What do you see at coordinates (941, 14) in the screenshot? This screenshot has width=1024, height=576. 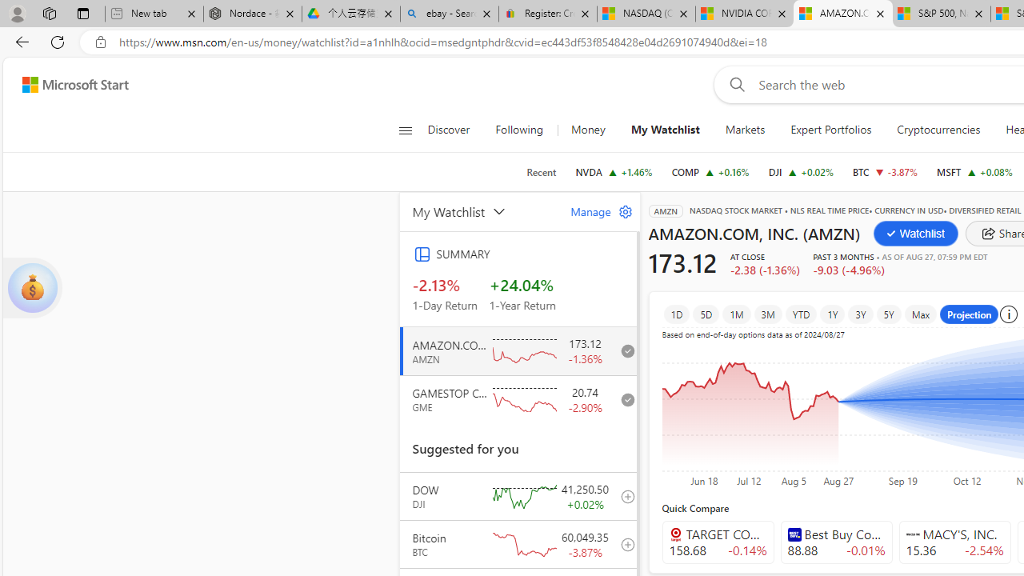 I see `'S&P 500, Nasdaq end lower, weighed by Nvidia dip | Watch'` at bounding box center [941, 14].